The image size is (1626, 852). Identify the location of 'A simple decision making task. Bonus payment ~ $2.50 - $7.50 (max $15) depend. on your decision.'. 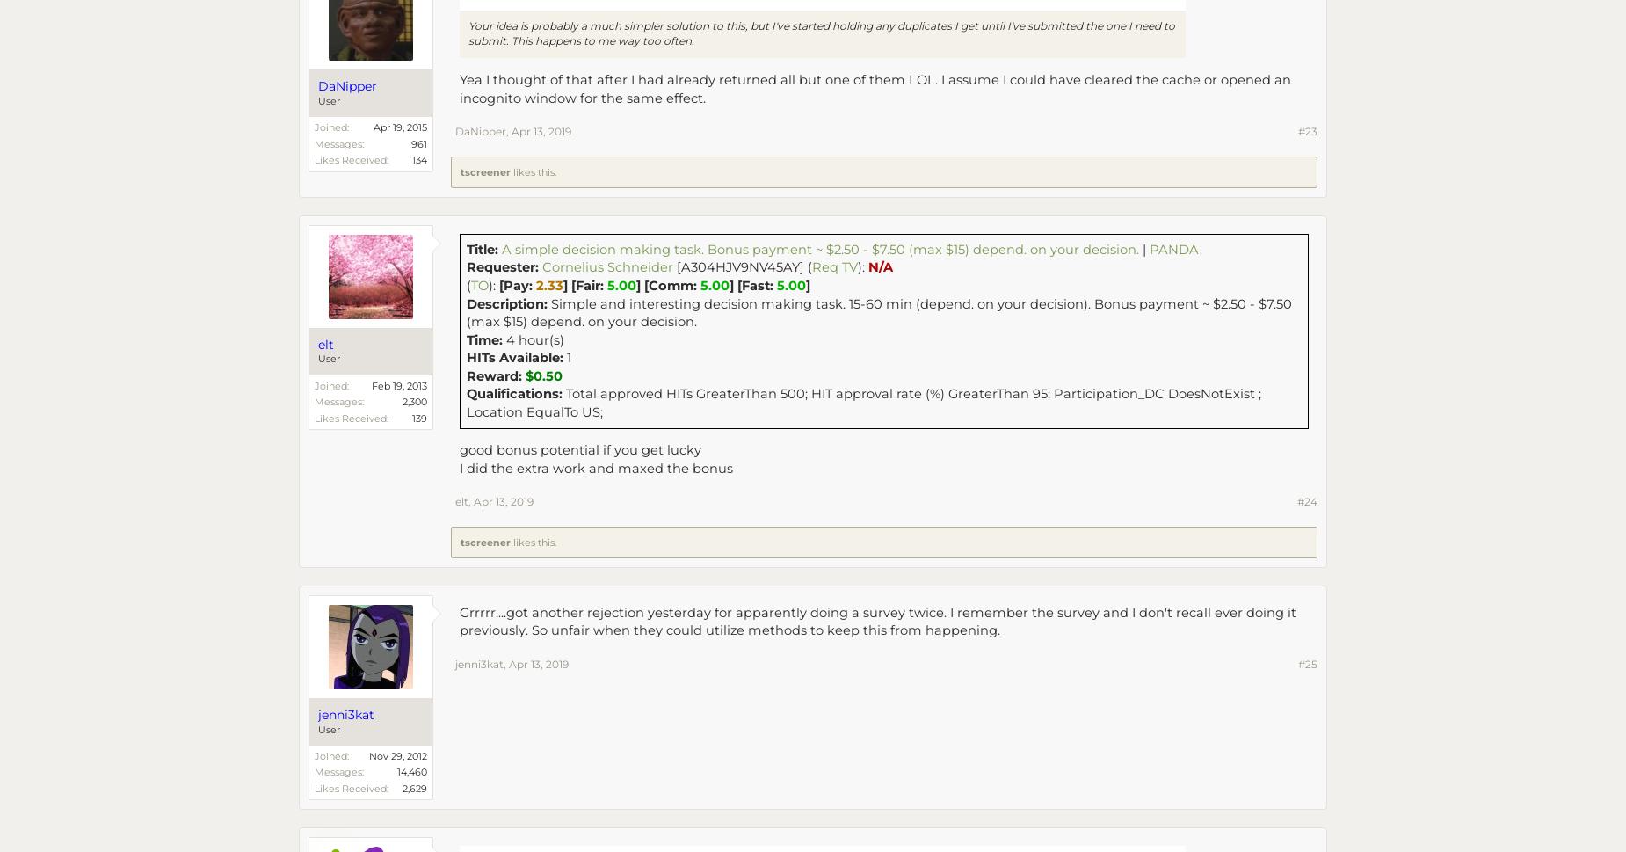
(819, 249).